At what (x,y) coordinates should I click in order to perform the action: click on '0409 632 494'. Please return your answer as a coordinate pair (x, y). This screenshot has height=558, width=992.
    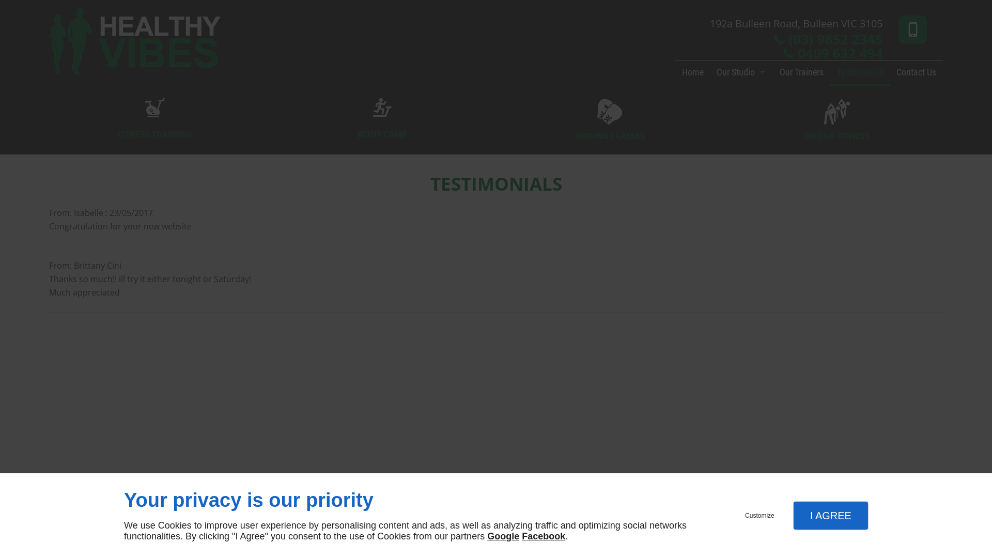
    Looking at the image, I should click on (797, 53).